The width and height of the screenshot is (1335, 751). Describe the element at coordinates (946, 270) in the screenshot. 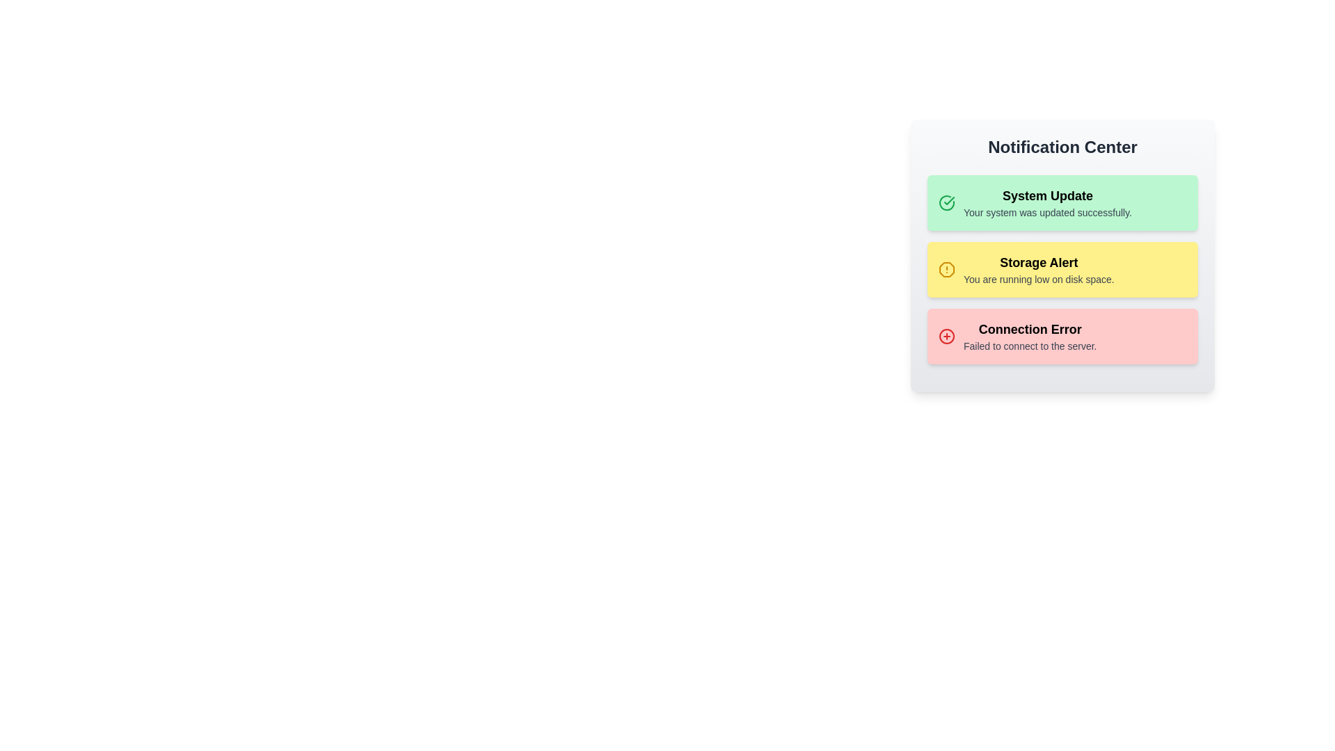

I see `the notification icon for Storage Alert` at that location.